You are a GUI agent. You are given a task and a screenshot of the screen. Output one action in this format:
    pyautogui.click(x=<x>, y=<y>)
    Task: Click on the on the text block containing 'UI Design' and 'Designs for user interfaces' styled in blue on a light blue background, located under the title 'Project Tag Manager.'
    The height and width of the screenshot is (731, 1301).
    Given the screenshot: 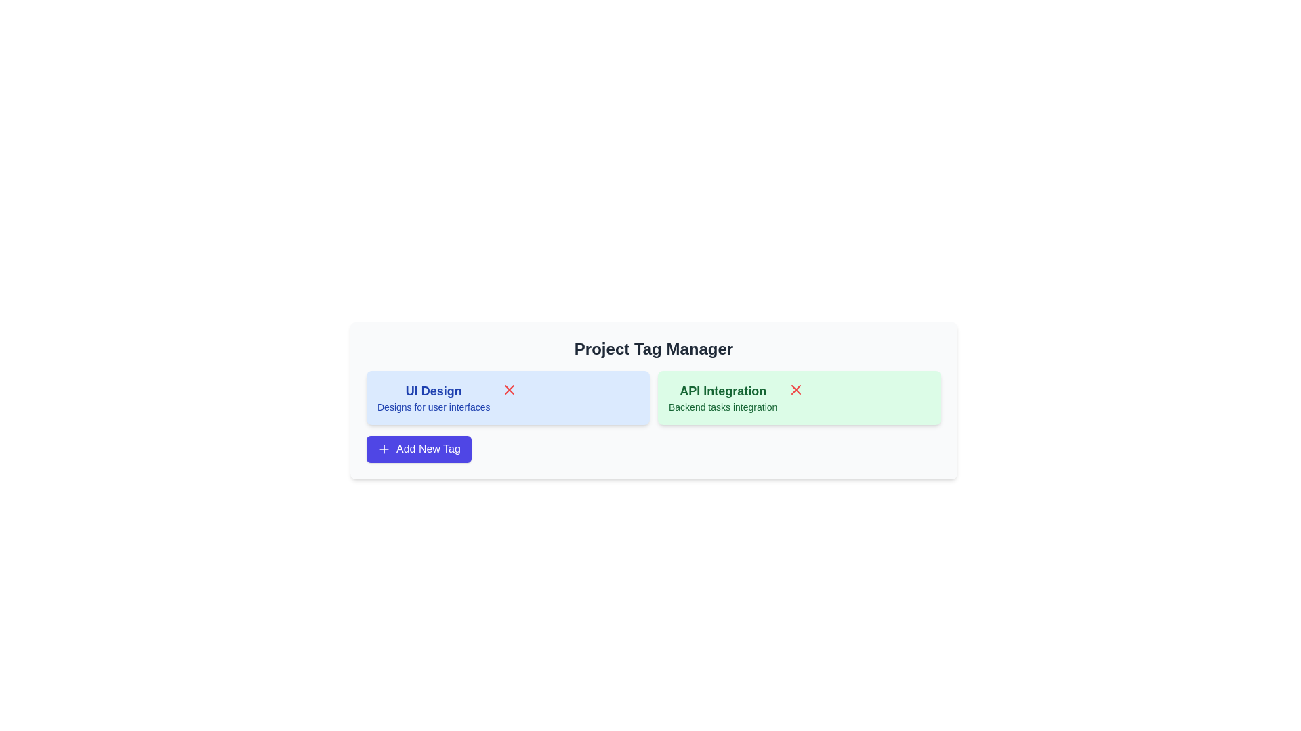 What is the action you would take?
    pyautogui.click(x=432, y=397)
    